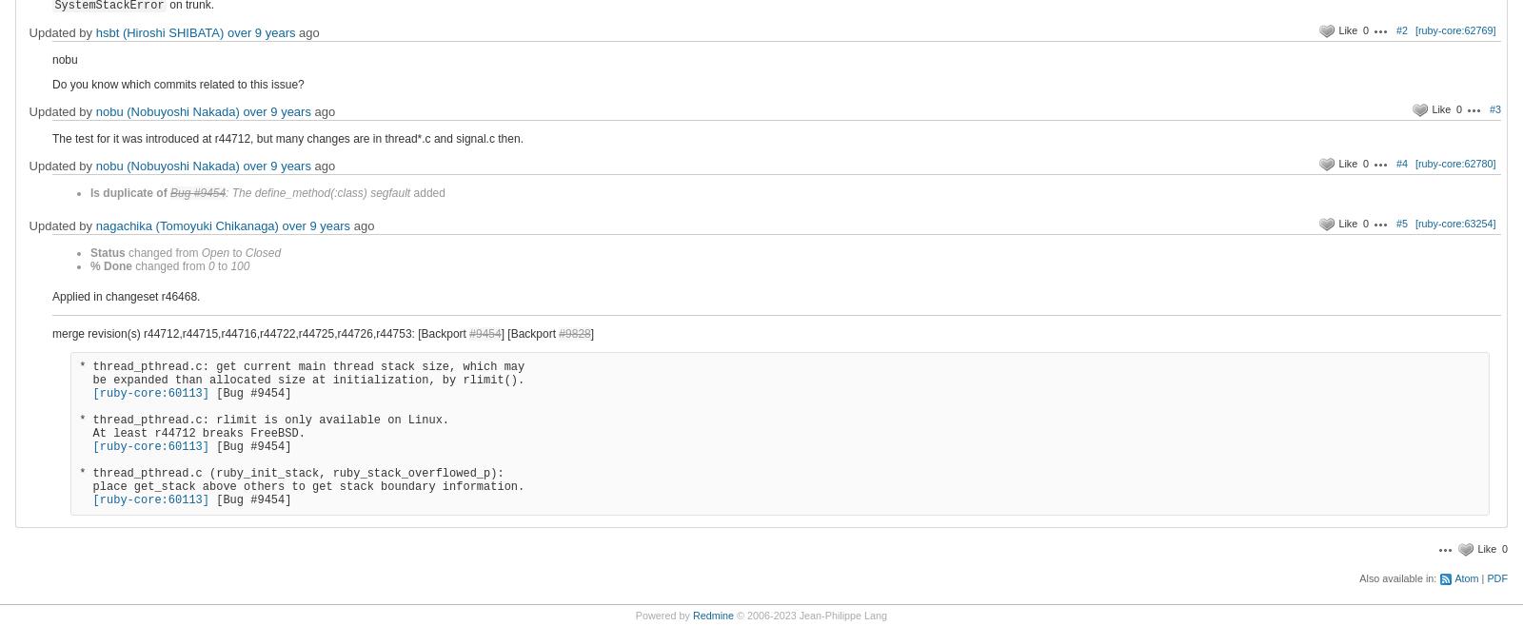 Image resolution: width=1523 pixels, height=626 pixels. What do you see at coordinates (528, 333) in the screenshot?
I see `'] [Backport'` at bounding box center [528, 333].